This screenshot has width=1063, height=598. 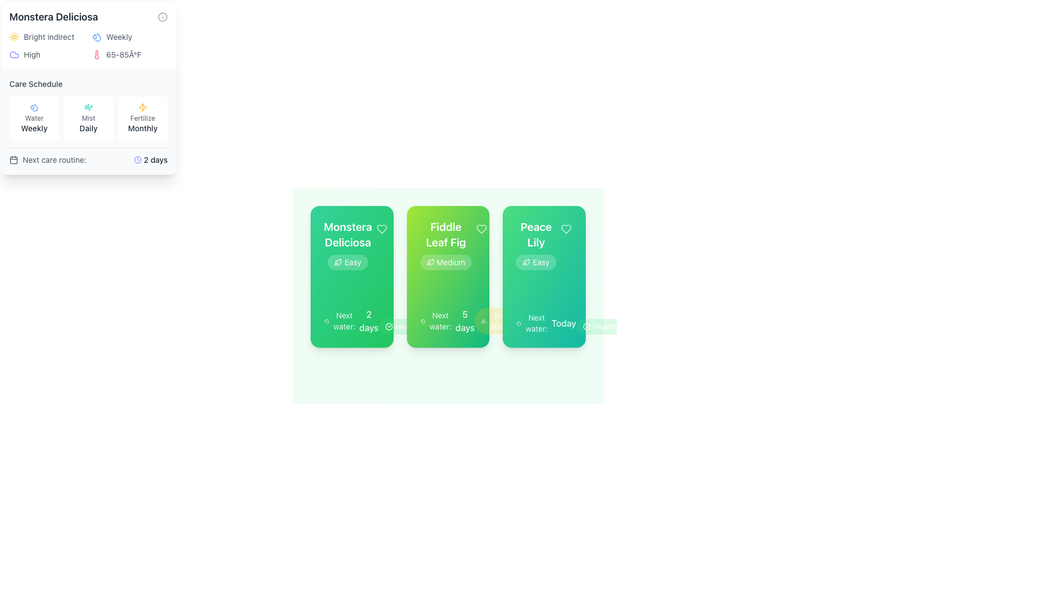 What do you see at coordinates (440, 321) in the screenshot?
I see `the label that indicates the upcoming watering schedule for the Fiddle Leaf Fig plant, located in the middle card under the title` at bounding box center [440, 321].